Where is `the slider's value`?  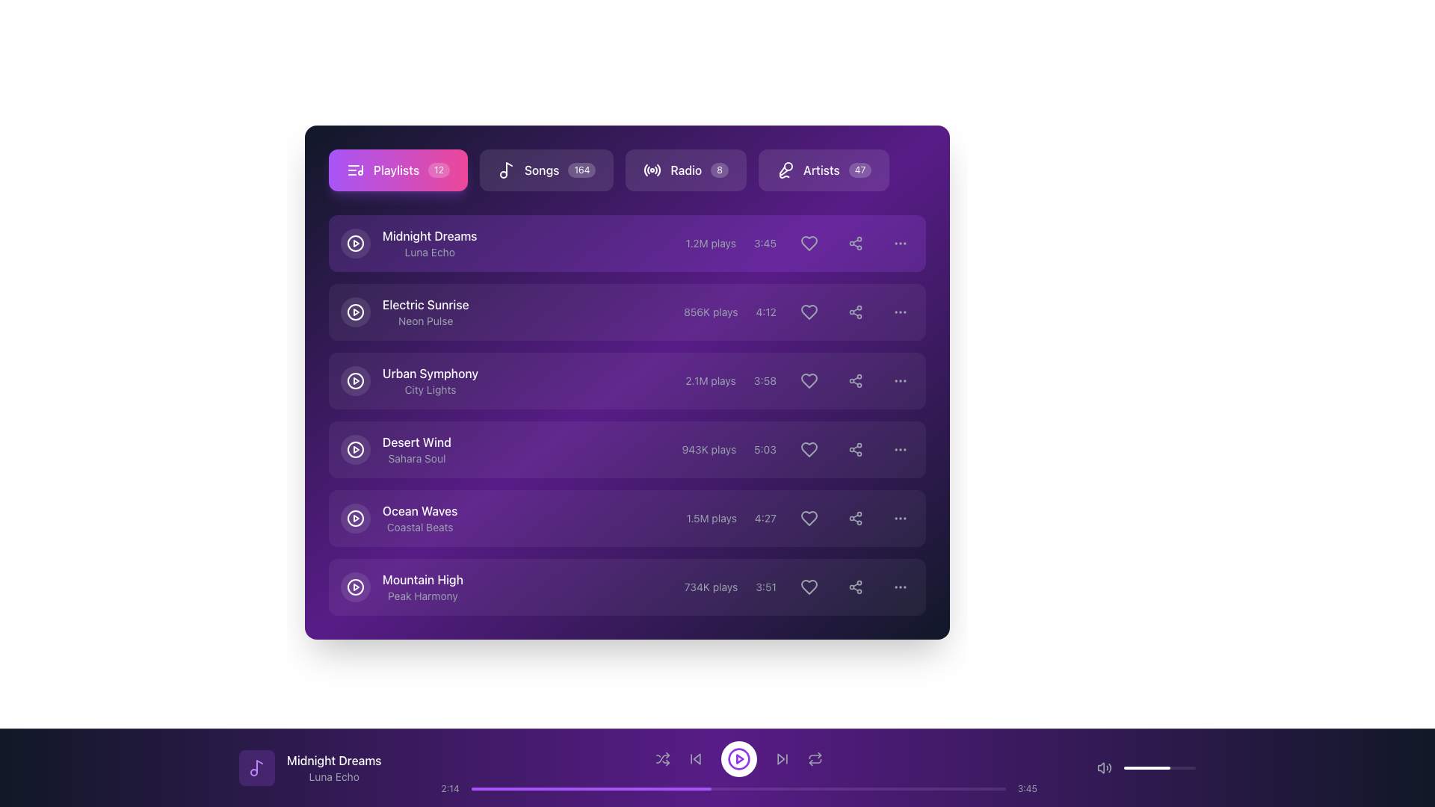
the slider's value is located at coordinates (1176, 768).